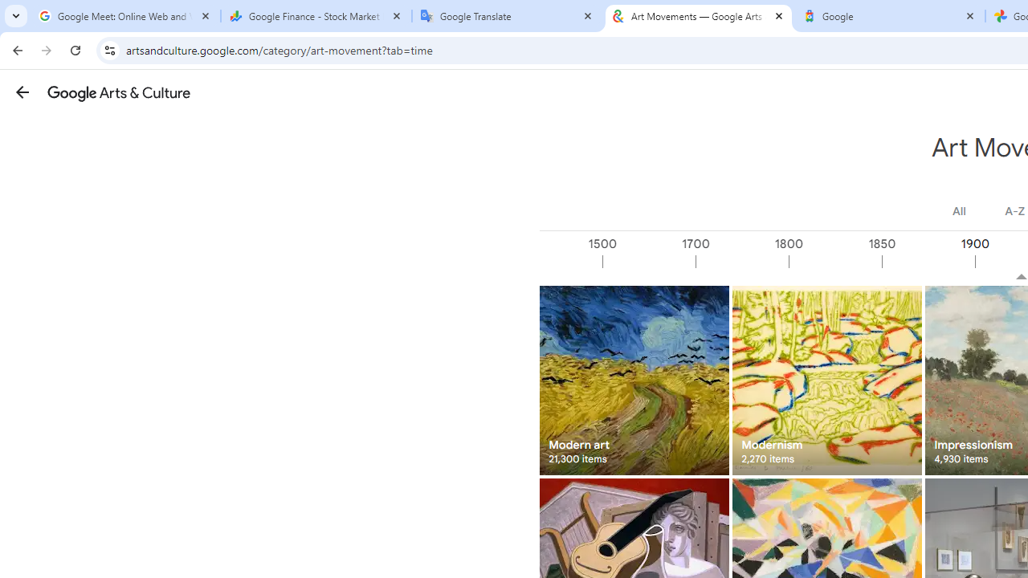  I want to click on 'Modernism 2,270 items', so click(826, 380).